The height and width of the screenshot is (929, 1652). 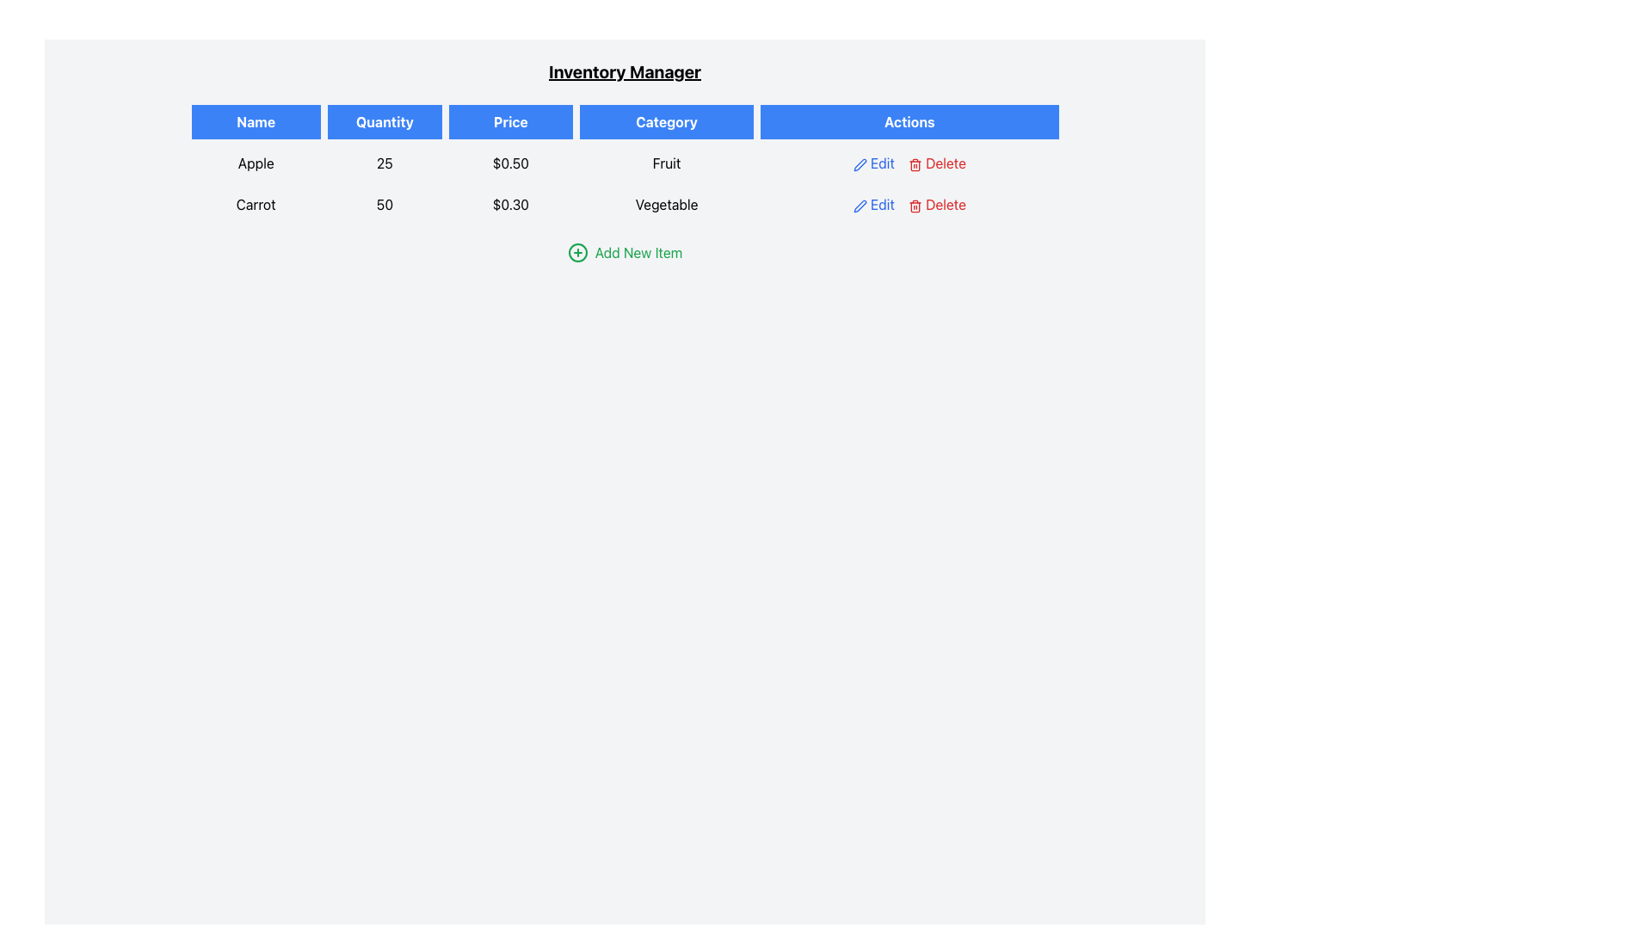 What do you see at coordinates (665, 163) in the screenshot?
I see `the non-interactive label indicating the category of the listed item 'Apple' in the first row of the table under the 'Category' heading in the Inventory Manager interface` at bounding box center [665, 163].